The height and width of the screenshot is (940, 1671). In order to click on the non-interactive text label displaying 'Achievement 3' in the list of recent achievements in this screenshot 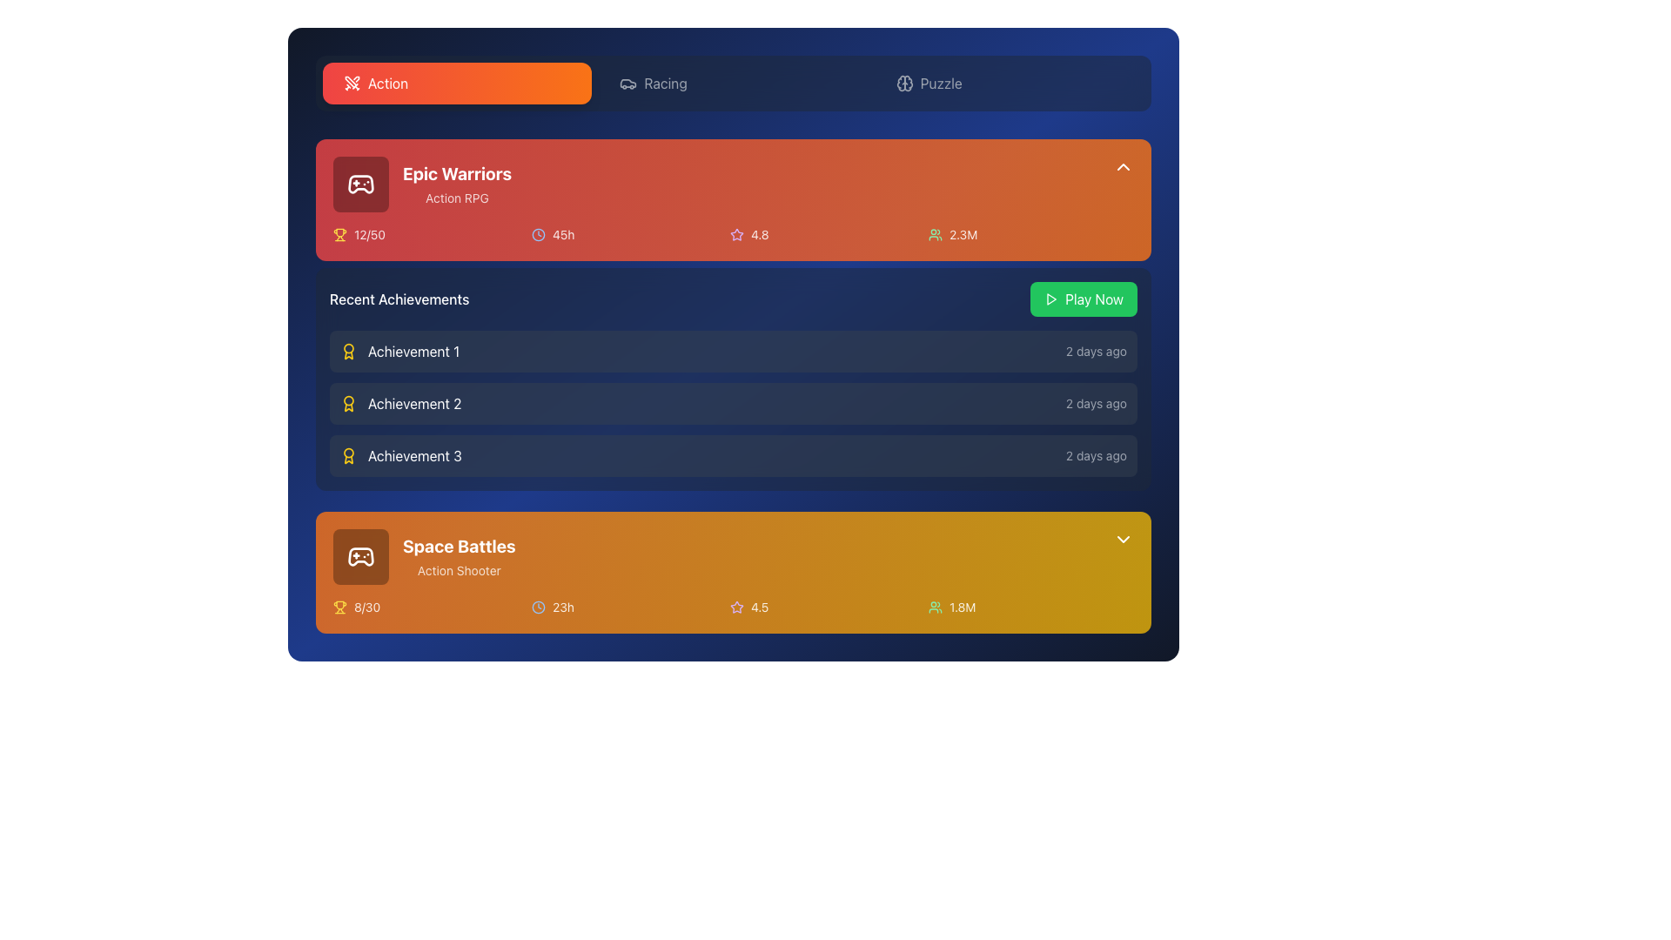, I will do `click(413, 455)`.